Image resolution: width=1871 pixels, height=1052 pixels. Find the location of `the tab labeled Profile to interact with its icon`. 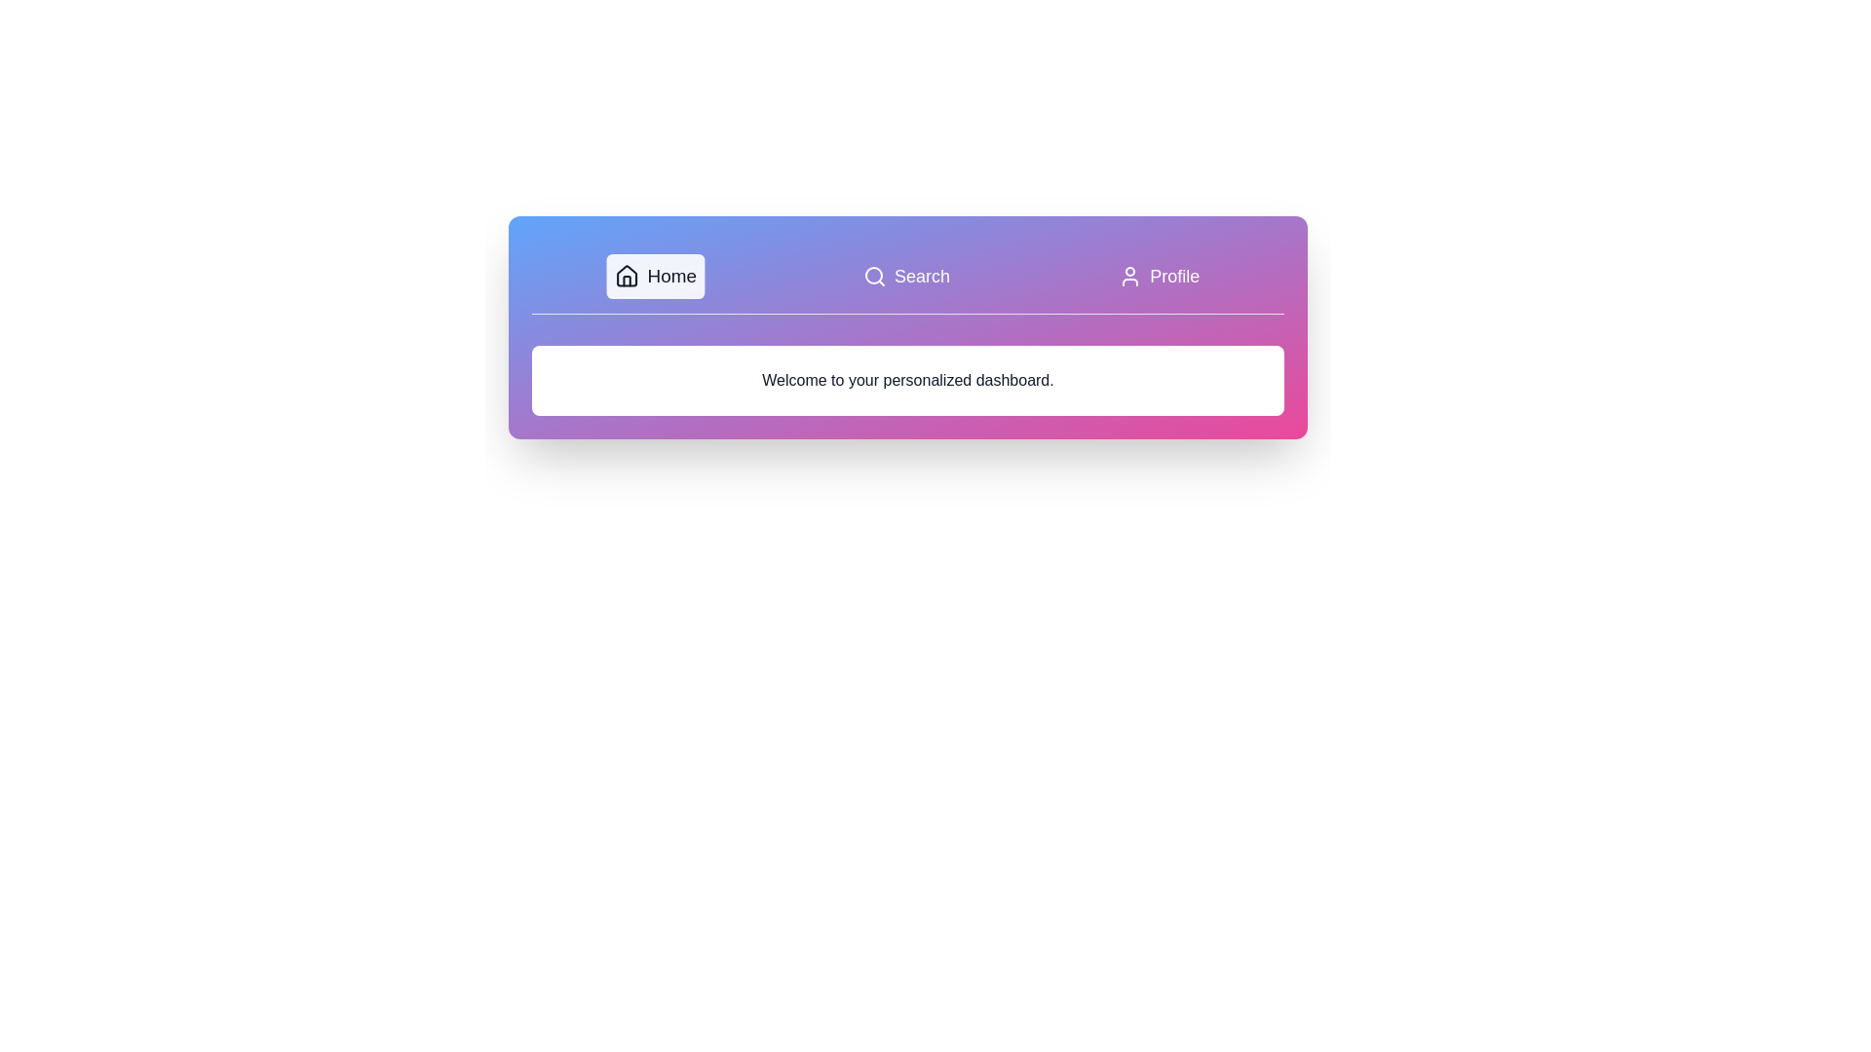

the tab labeled Profile to interact with its icon is located at coordinates (1159, 277).